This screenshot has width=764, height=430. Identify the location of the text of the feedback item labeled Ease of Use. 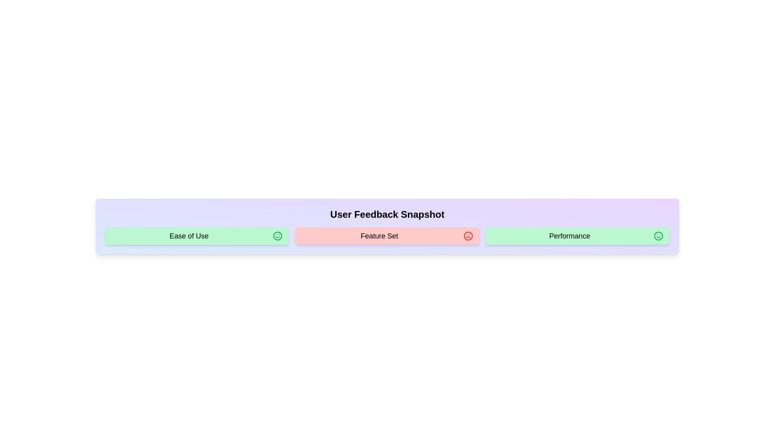
(197, 236).